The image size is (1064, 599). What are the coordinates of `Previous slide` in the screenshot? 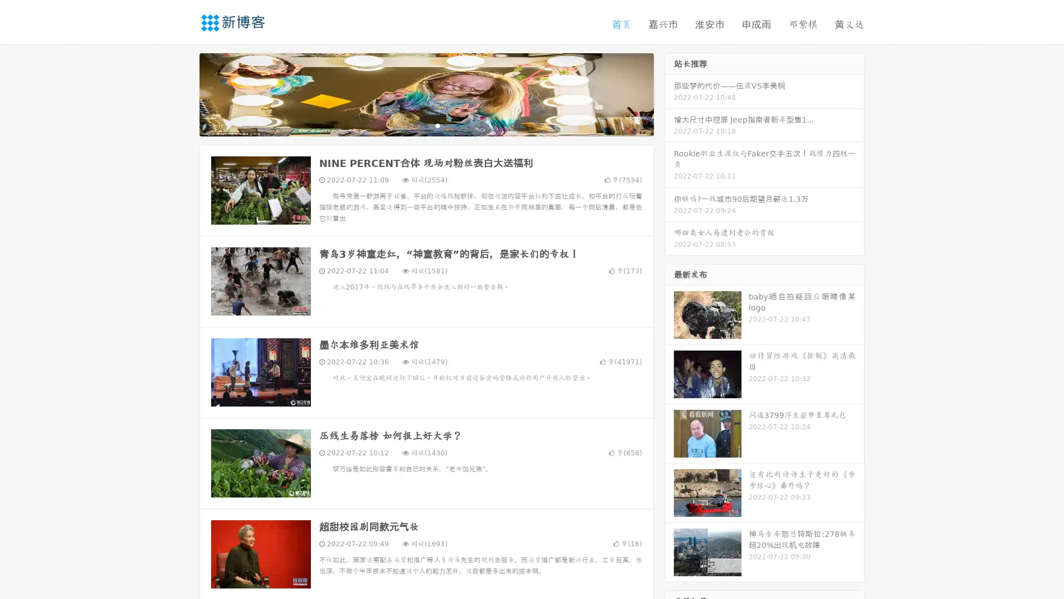 It's located at (183, 93).